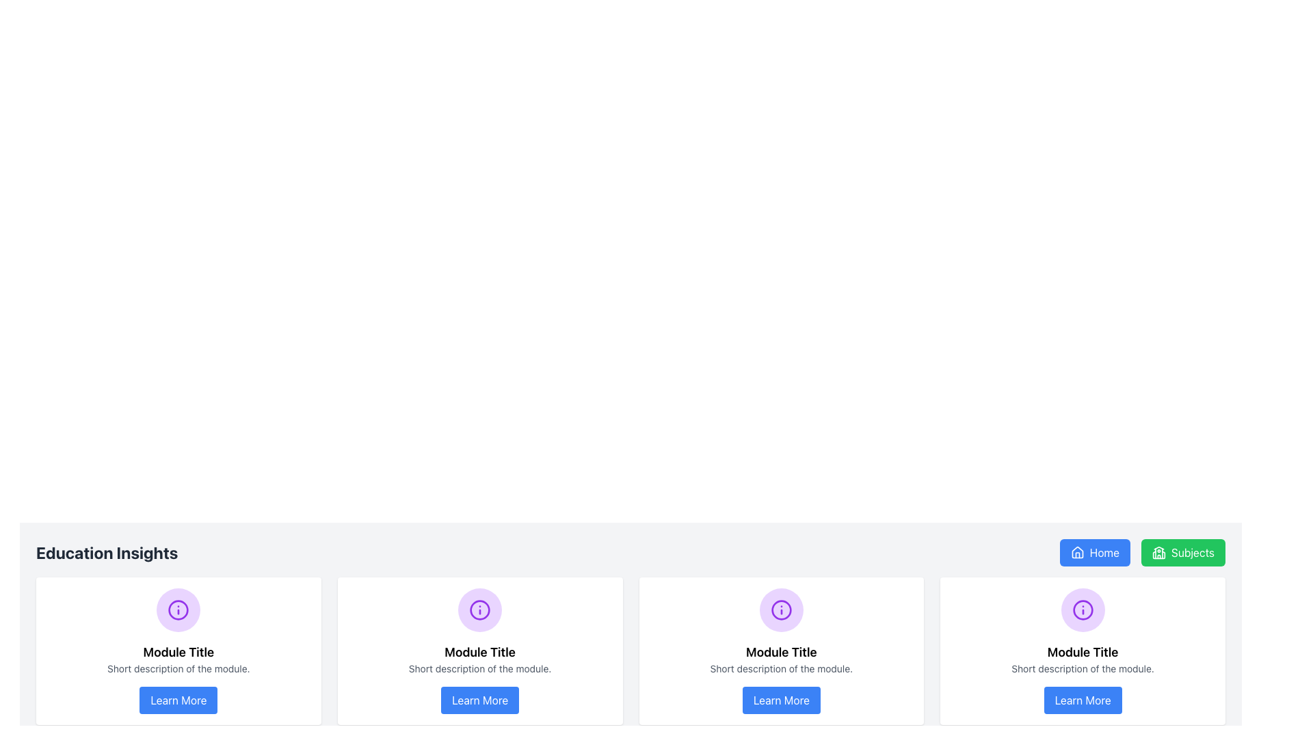 Image resolution: width=1313 pixels, height=738 pixels. I want to click on the green 'Subjects' button with a schoolhouse icon, so click(1182, 552).